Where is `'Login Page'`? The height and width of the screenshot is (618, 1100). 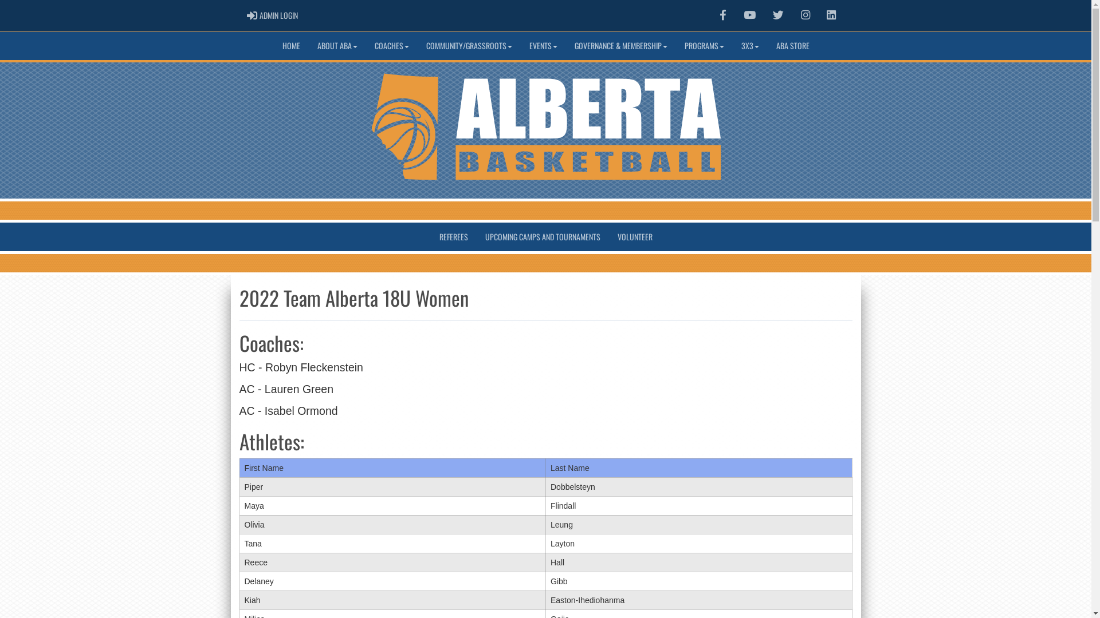 'Login Page' is located at coordinates (251, 15).